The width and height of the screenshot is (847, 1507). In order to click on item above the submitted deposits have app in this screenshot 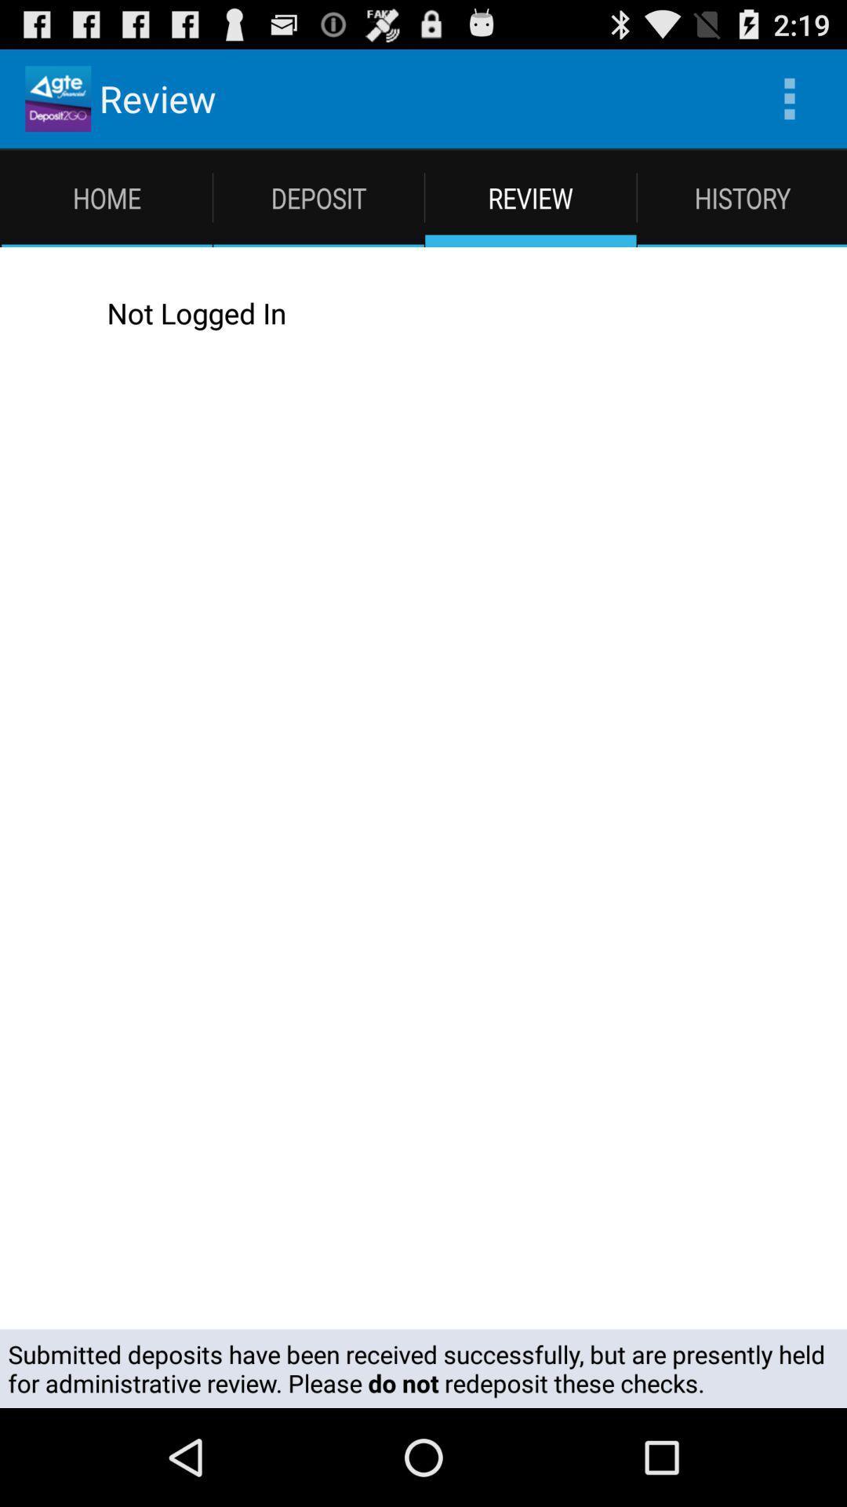, I will do `click(42, 312)`.